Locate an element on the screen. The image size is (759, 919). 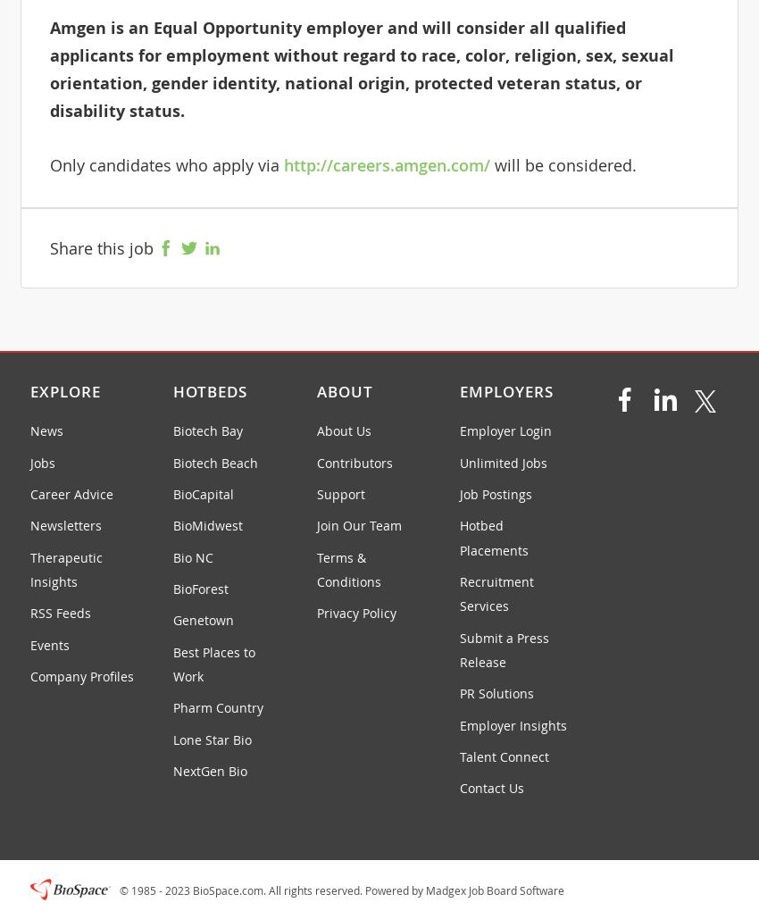
'Genetown' is located at coordinates (171, 619).